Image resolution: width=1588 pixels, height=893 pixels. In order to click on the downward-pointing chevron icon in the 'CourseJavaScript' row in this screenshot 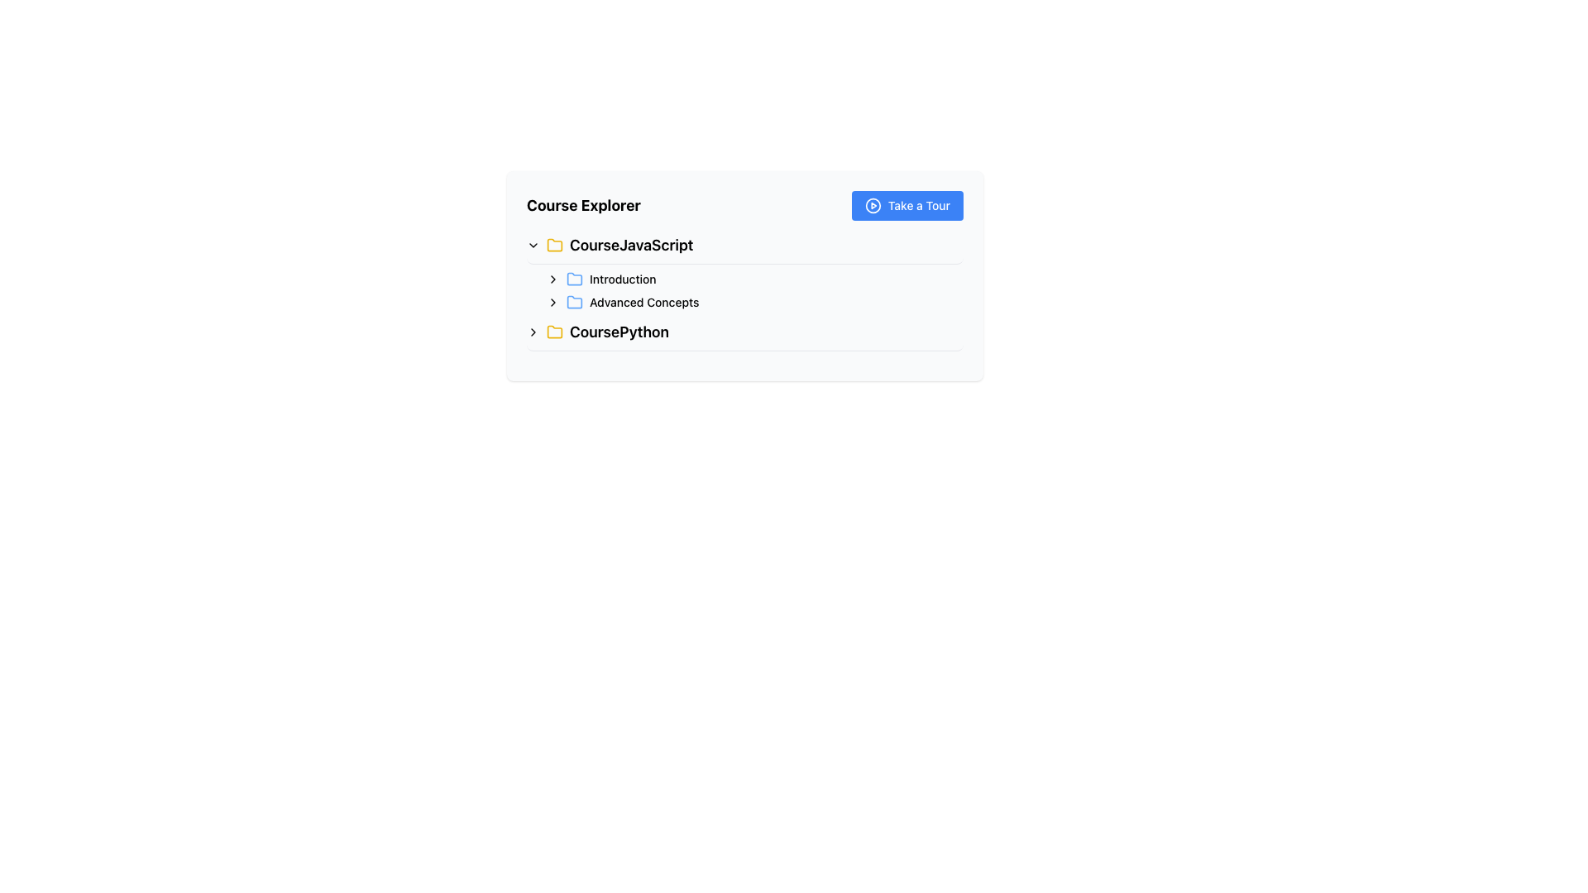, I will do `click(533, 246)`.